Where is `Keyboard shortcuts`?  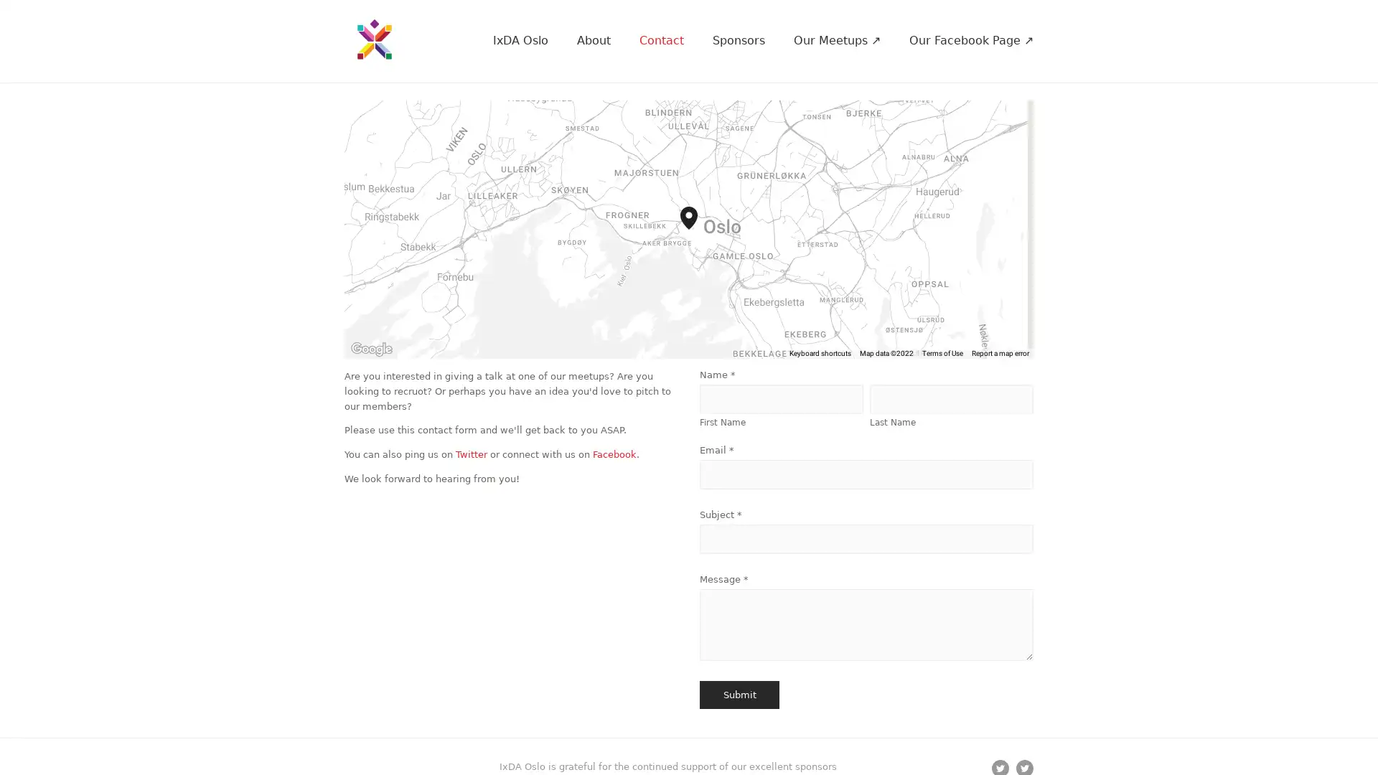
Keyboard shortcuts is located at coordinates (844, 354).